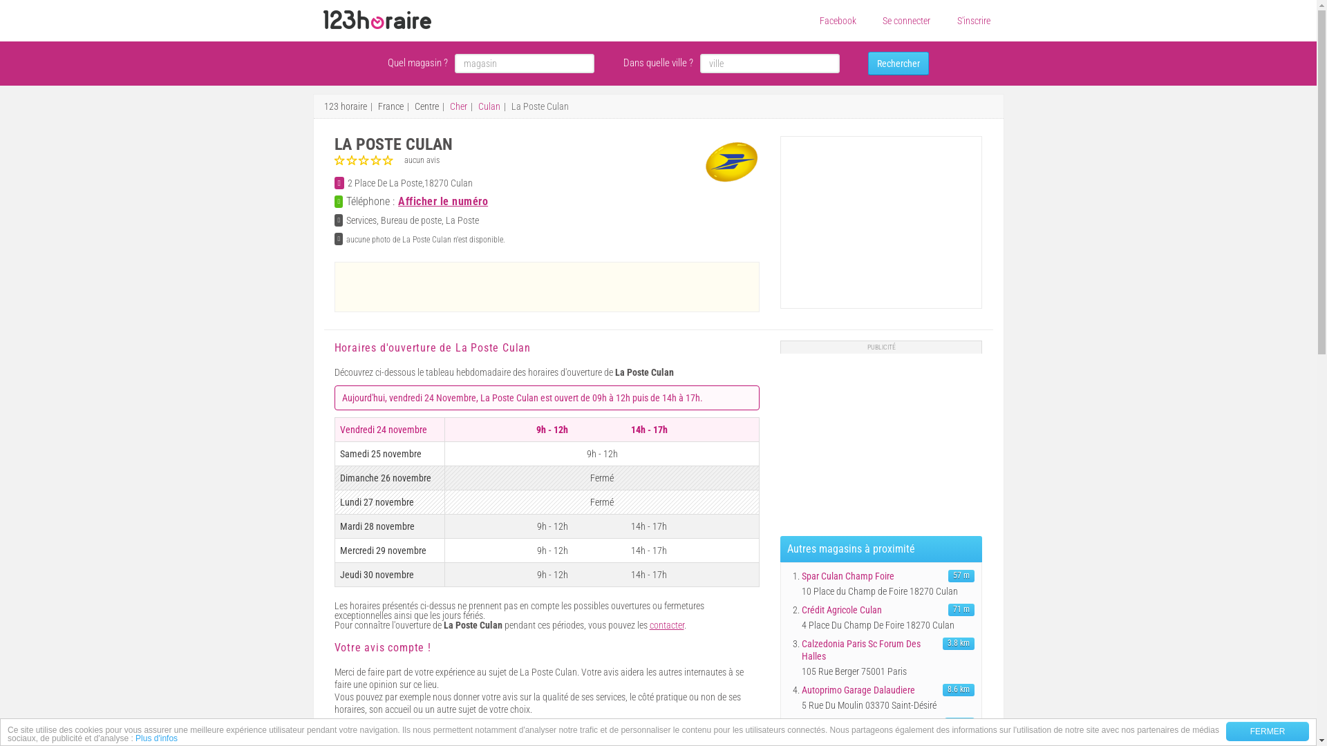 This screenshot has height=746, width=1327. What do you see at coordinates (361, 220) in the screenshot?
I see `'Services'` at bounding box center [361, 220].